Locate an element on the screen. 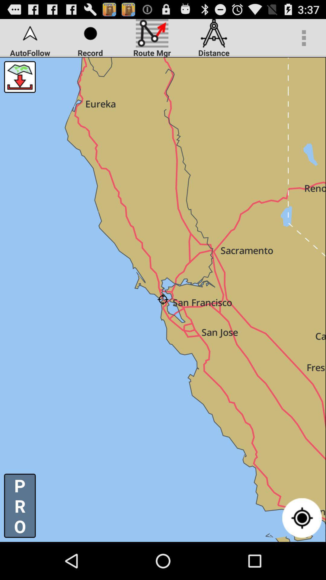 This screenshot has height=580, width=326. enable location tracking is located at coordinates (302, 517).